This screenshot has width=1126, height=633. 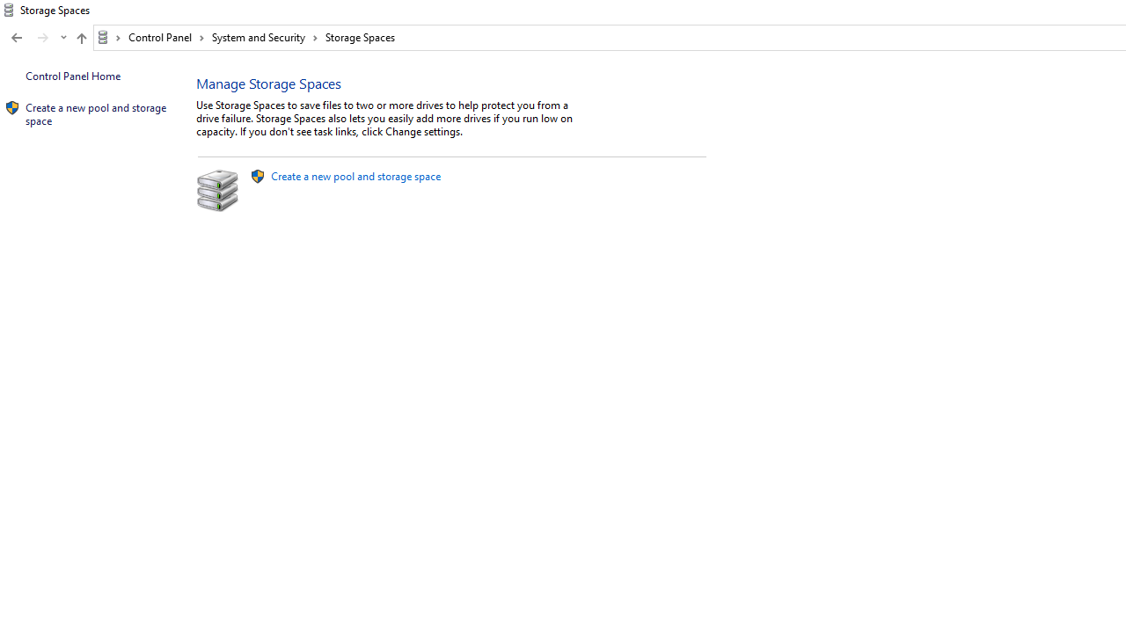 What do you see at coordinates (80, 40) in the screenshot?
I see `'Up band toolbar'` at bounding box center [80, 40].